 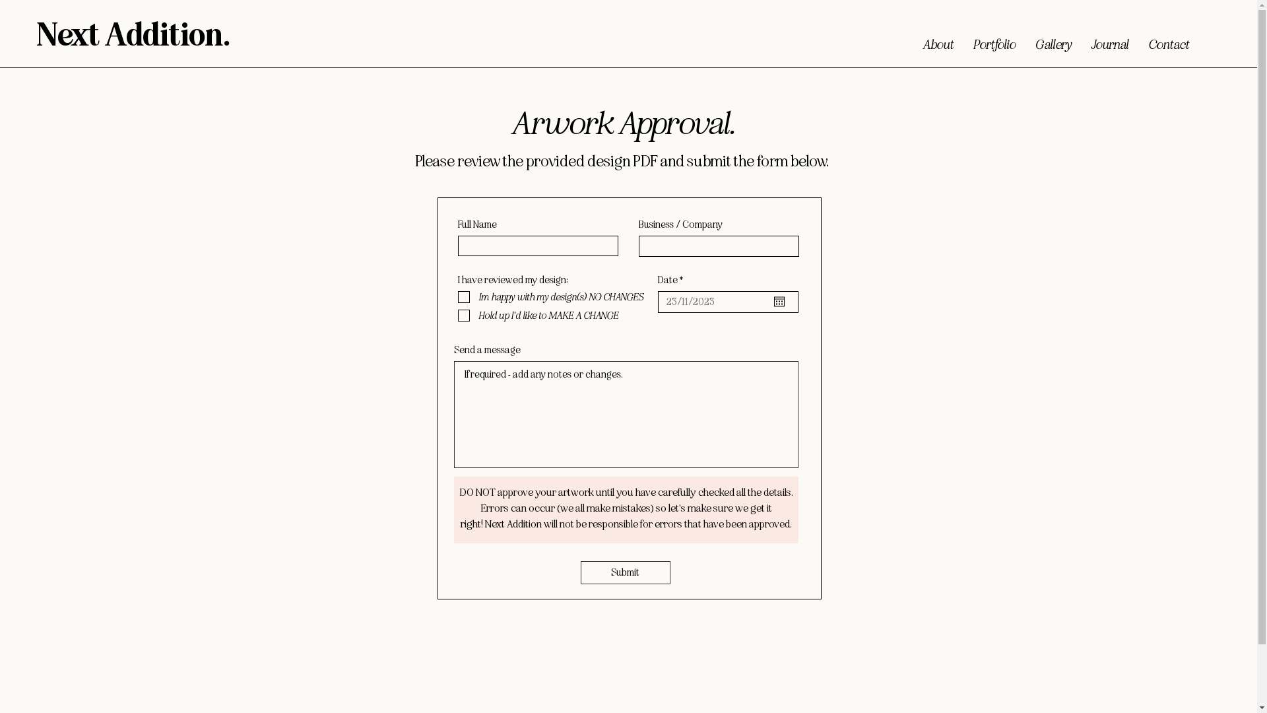 What do you see at coordinates (1109, 40) in the screenshot?
I see `'Journal'` at bounding box center [1109, 40].